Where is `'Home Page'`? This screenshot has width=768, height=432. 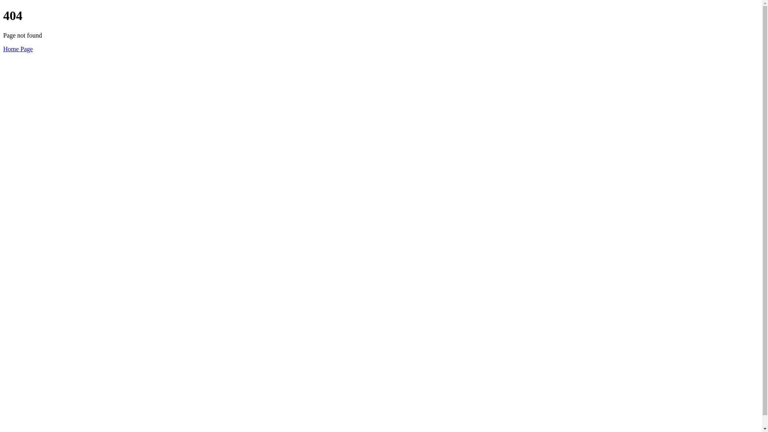
'Home Page' is located at coordinates (18, 49).